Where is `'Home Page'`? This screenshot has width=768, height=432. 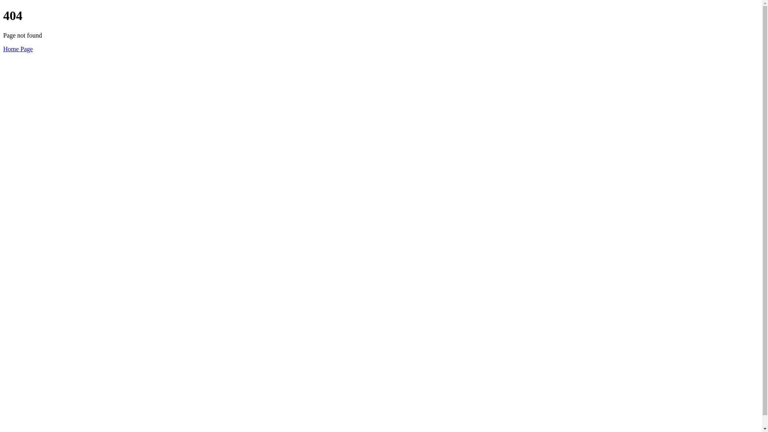
'Home Page' is located at coordinates (18, 49).